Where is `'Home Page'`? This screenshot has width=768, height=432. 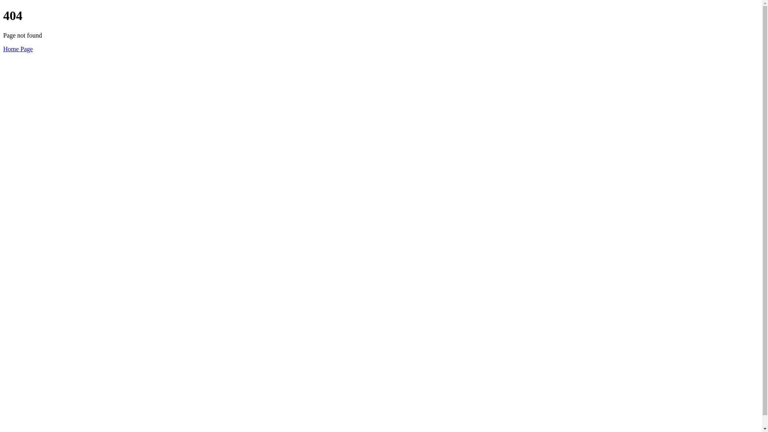
'Home Page' is located at coordinates (18, 49).